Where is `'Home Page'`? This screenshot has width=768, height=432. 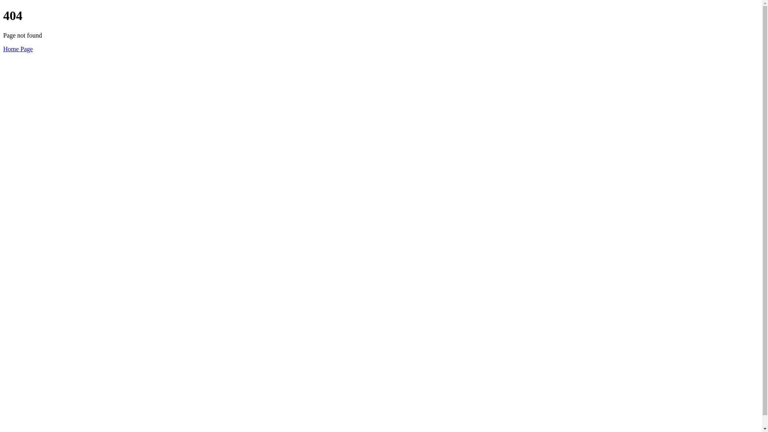
'Home Page' is located at coordinates (18, 49).